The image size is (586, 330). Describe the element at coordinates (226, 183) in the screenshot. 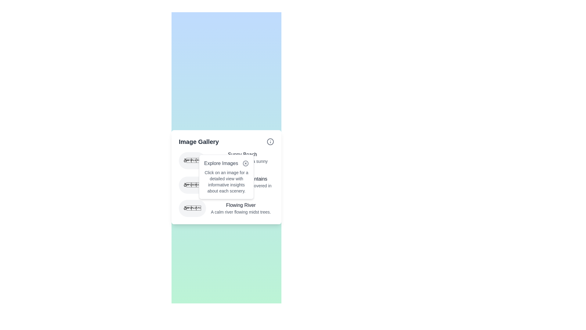

I see `the List of Descriptive Items element, which contains three blocks with icons and descriptive text for 'Sunny Beach', 'Majestic Mountains', and 'Flowing River', positioned under the 'Image Gallery' section` at that location.